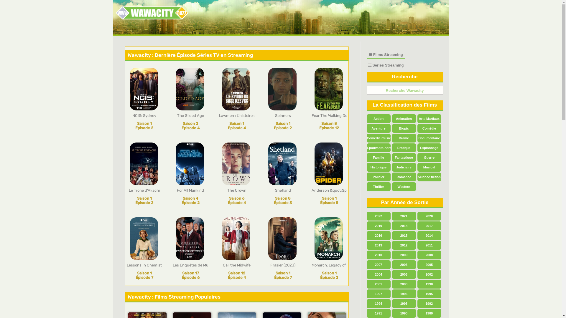 This screenshot has height=318, width=566. What do you see at coordinates (379, 186) in the screenshot?
I see `'Thriller'` at bounding box center [379, 186].